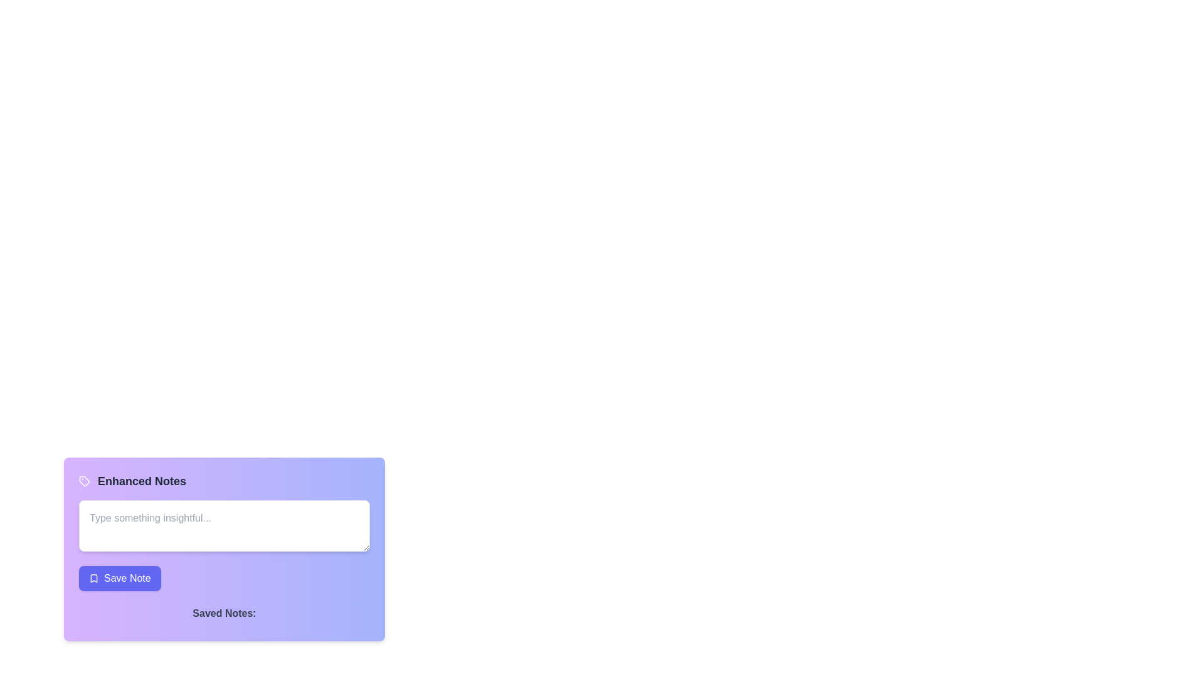 The height and width of the screenshot is (677, 1204). Describe the element at coordinates (93, 578) in the screenshot. I see `the appearance of the small bookmark-shaped SVG icon located at the bottom-left corner of the 'Save Note' button` at that location.